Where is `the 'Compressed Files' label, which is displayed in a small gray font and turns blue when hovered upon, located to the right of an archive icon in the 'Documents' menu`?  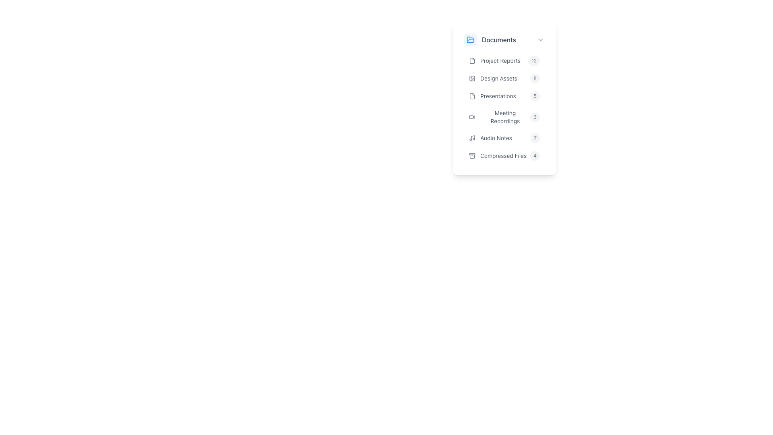
the 'Compressed Files' label, which is displayed in a small gray font and turns blue when hovered upon, located to the right of an archive icon in the 'Documents' menu is located at coordinates (503, 155).